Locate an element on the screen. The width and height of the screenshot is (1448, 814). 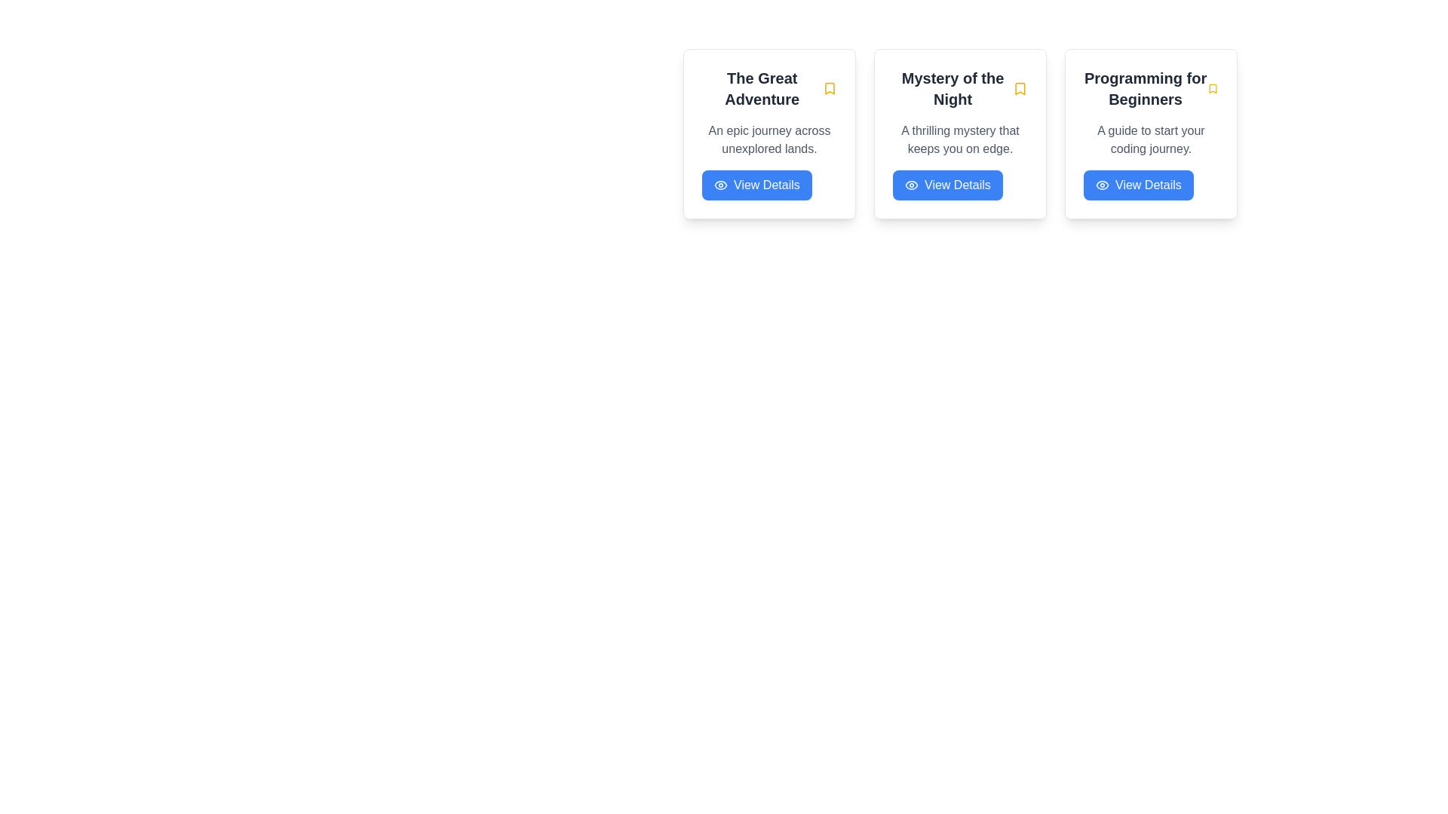
the yellow bookmark icon associated with the bold text block 'Programming for Beginners' located at the top of the first card in the row is located at coordinates (1150, 89).